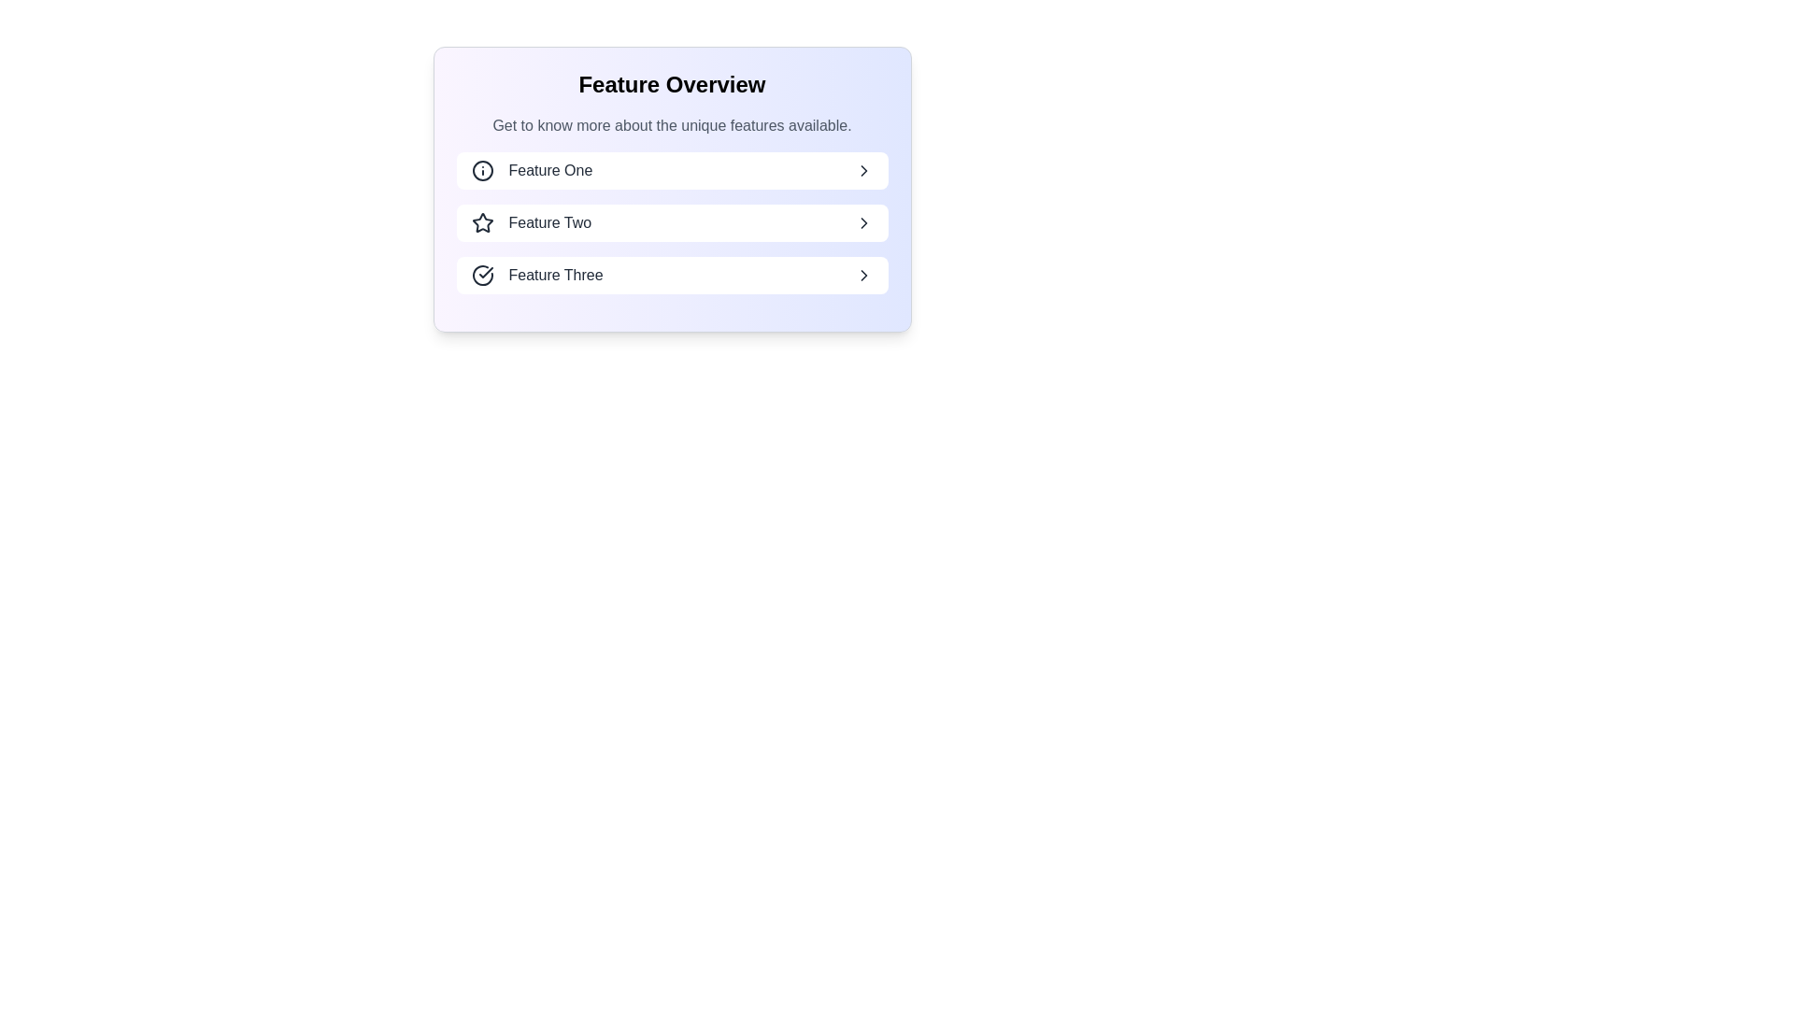 This screenshot has width=1794, height=1009. I want to click on the 'Feature Two' label in the functional list, so click(548, 222).